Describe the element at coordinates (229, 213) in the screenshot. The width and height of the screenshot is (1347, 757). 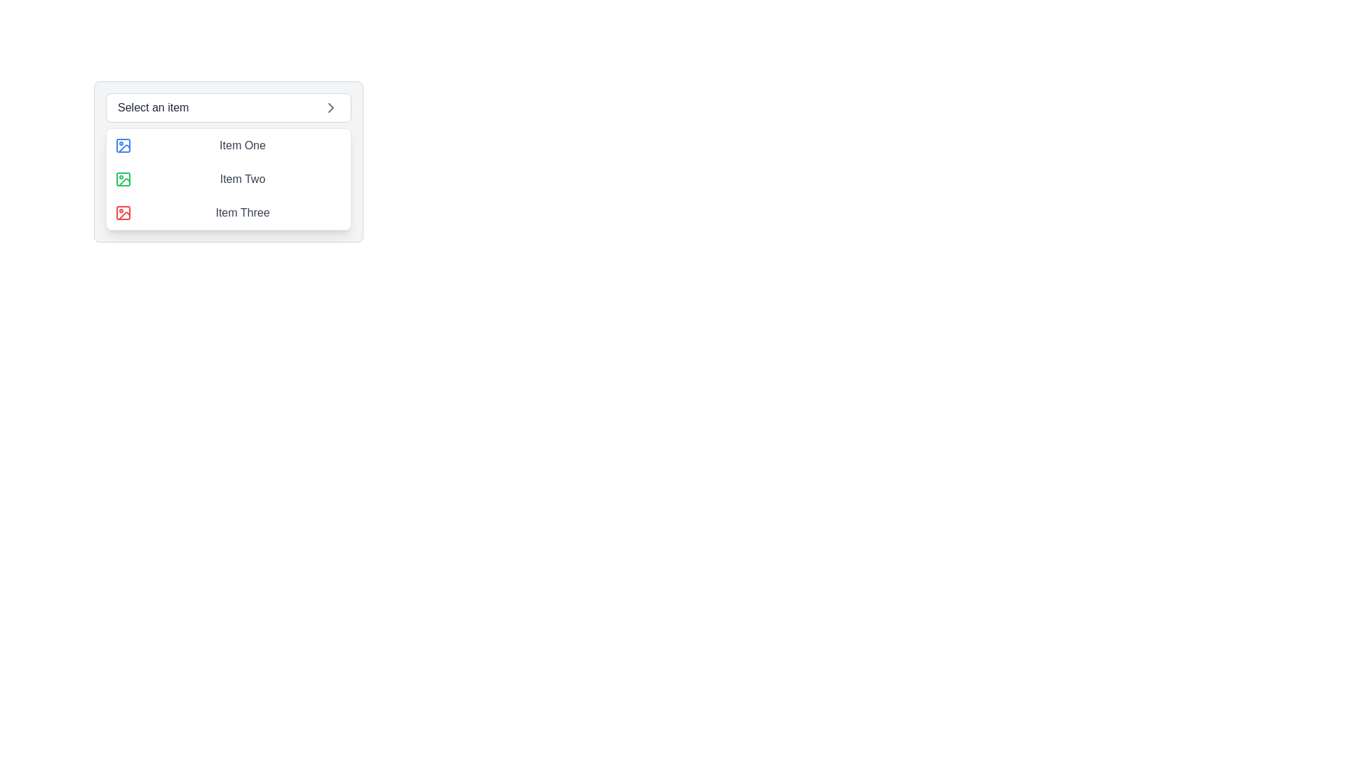
I see `the third selectable item in the dropdown menu` at that location.